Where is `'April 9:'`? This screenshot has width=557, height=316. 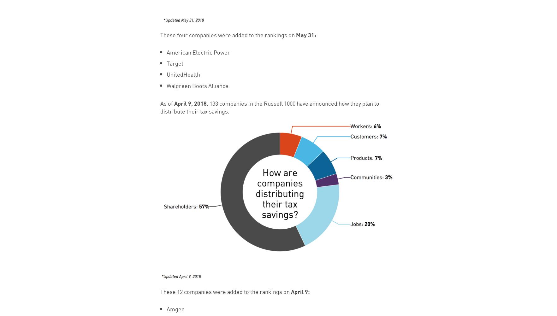 'April 9:' is located at coordinates (300, 290).